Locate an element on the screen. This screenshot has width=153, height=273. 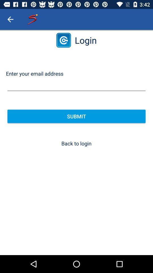
item below enter your email item is located at coordinates (76, 85).